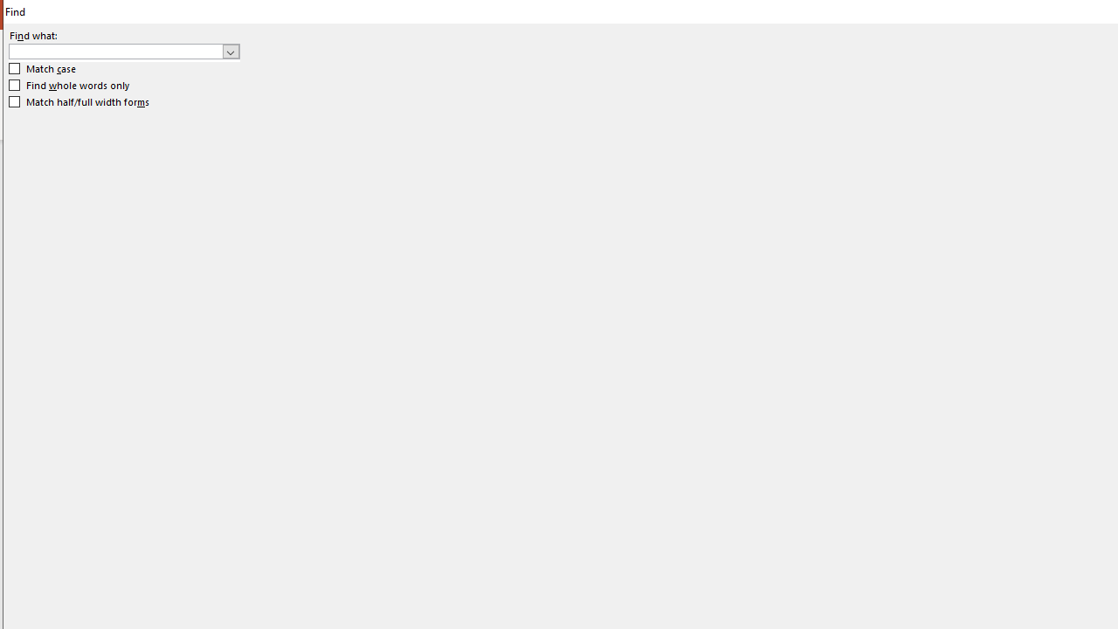 The image size is (1118, 629). Describe the element at coordinates (43, 68) in the screenshot. I see `'Match case'` at that location.